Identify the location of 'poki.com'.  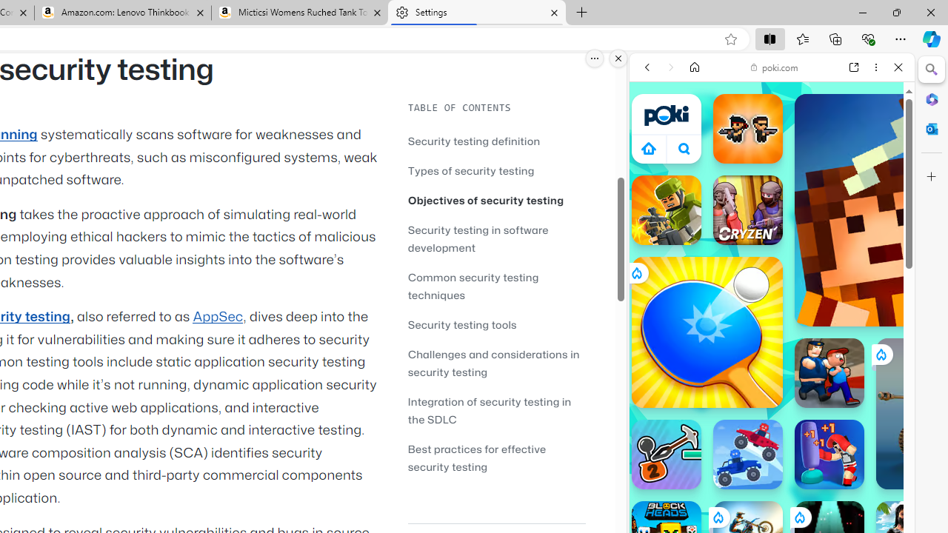
(774, 67).